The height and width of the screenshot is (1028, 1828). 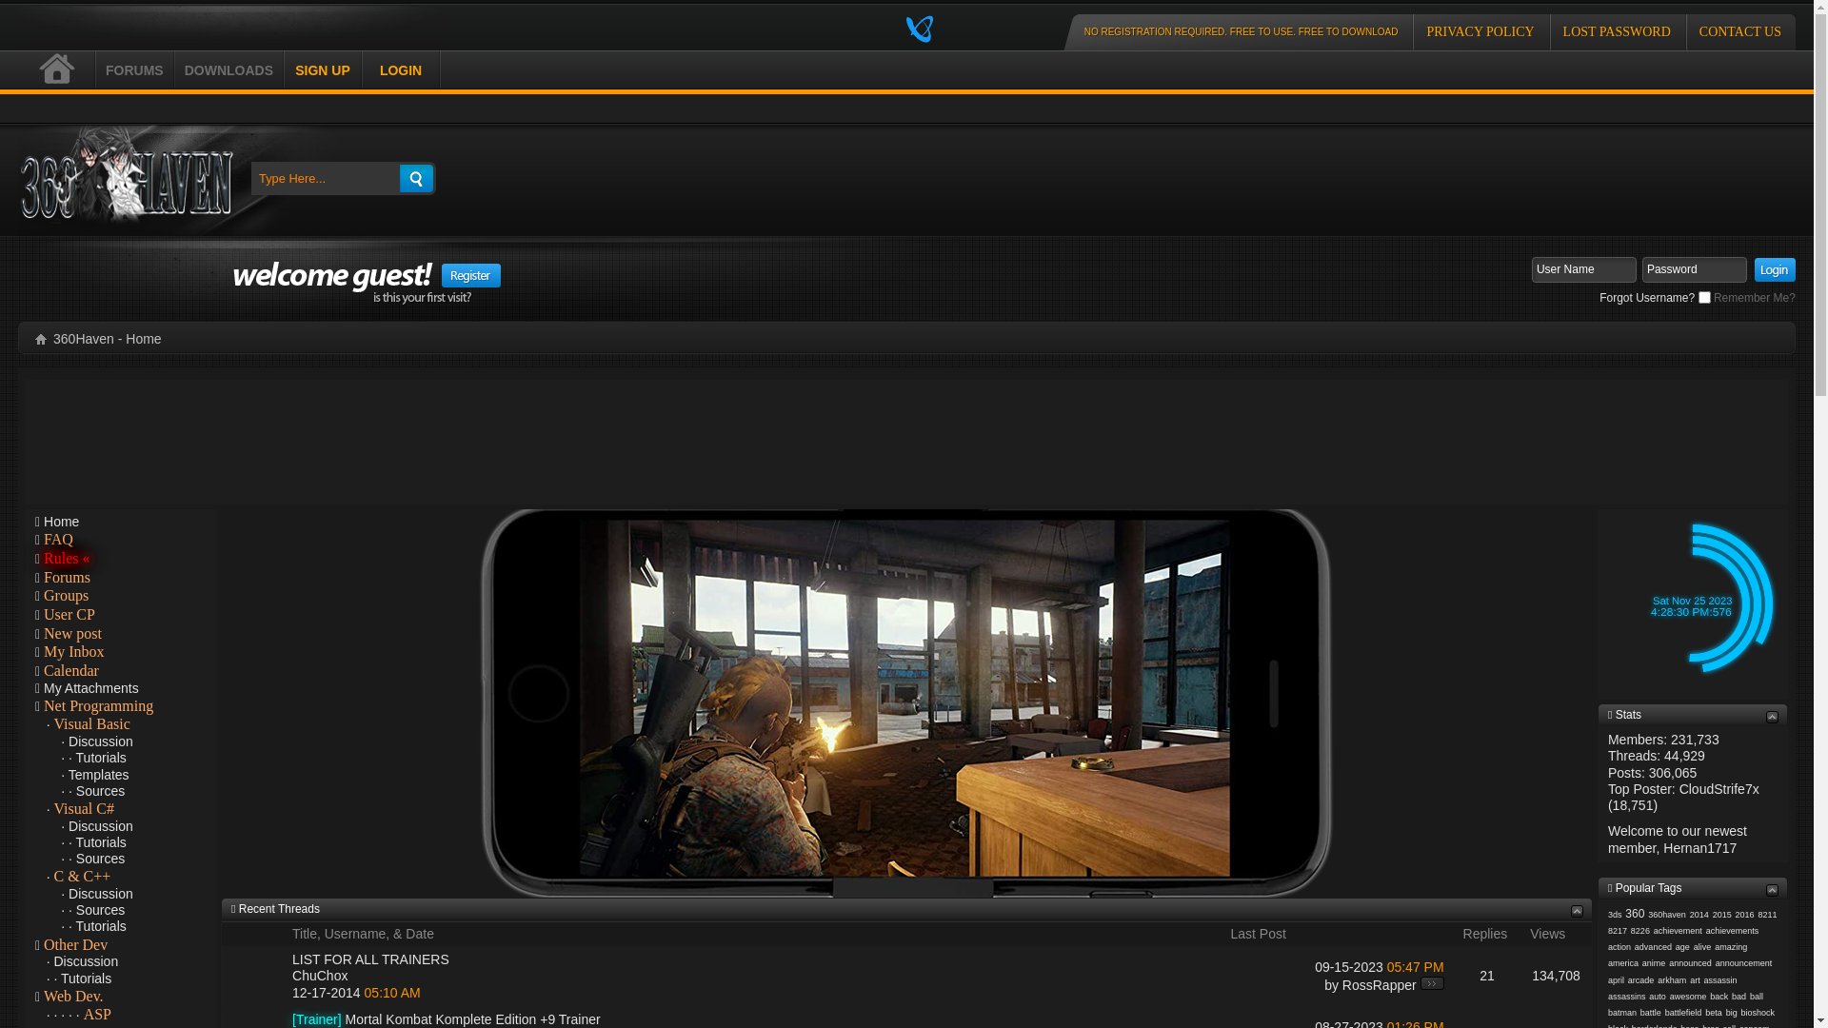 What do you see at coordinates (1653, 962) in the screenshot?
I see `'anime'` at bounding box center [1653, 962].